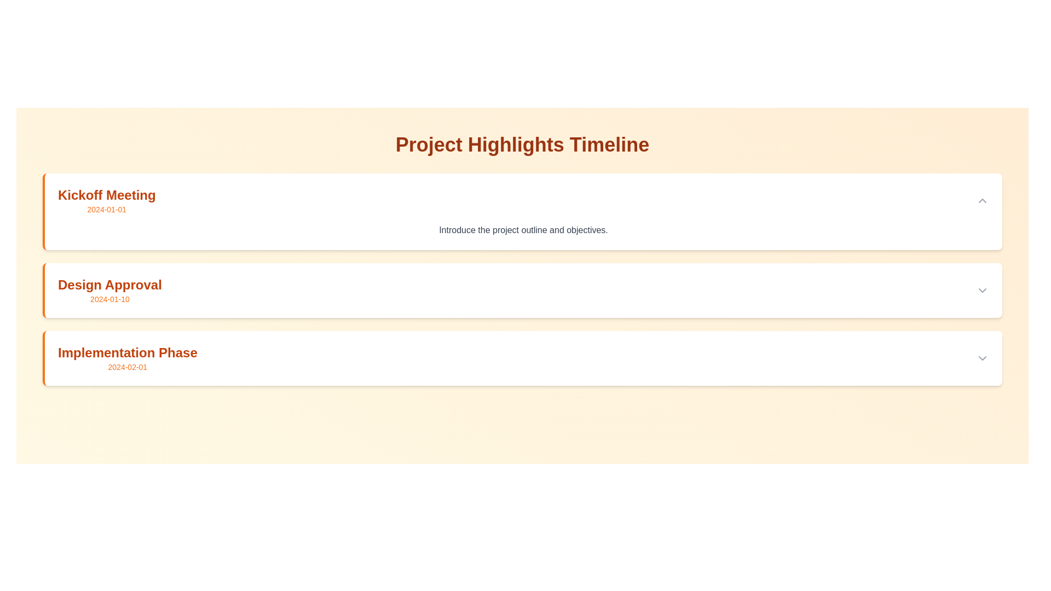 The height and width of the screenshot is (591, 1051). Describe the element at coordinates (128, 352) in the screenshot. I see `text label that represents the title of the timeline entry for the 'Implementation Phase' with the associated date '2024-02-01'` at that location.